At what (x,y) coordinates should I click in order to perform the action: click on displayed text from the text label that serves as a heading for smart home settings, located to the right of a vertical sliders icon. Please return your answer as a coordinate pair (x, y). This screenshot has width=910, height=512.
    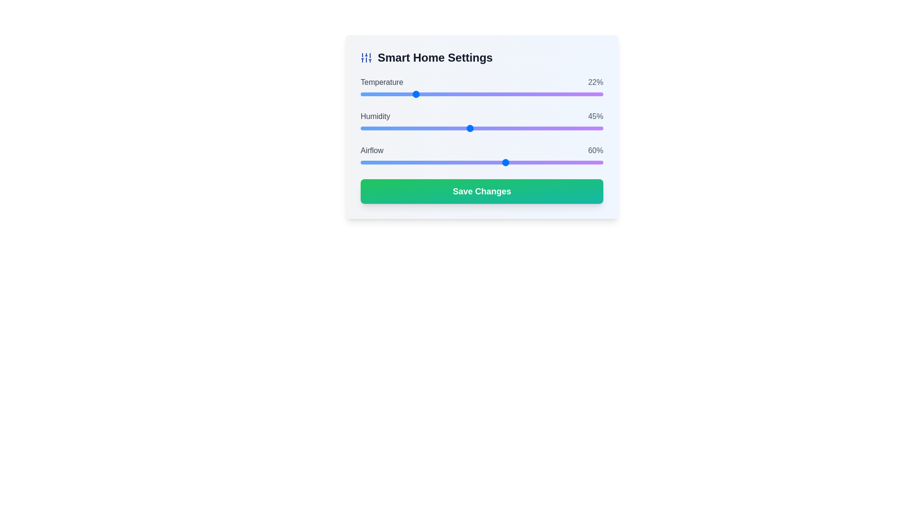
    Looking at the image, I should click on (435, 58).